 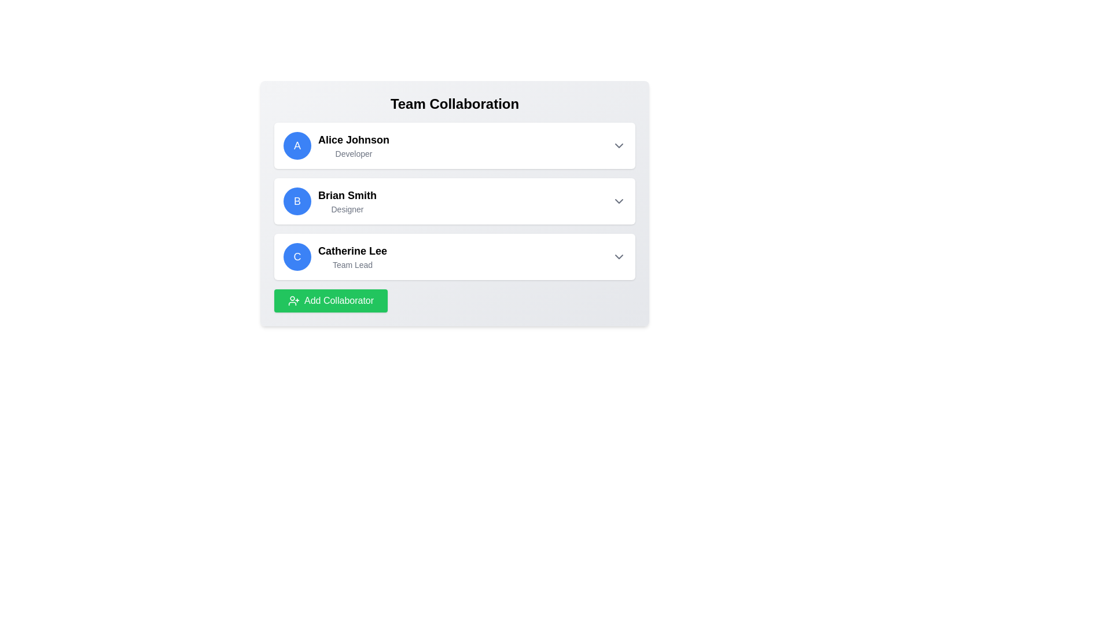 What do you see at coordinates (347, 209) in the screenshot?
I see `text on the title descriptor label located below the bold 'Brian Smith' text in the second user card under the 'Team Collaboration' section` at bounding box center [347, 209].